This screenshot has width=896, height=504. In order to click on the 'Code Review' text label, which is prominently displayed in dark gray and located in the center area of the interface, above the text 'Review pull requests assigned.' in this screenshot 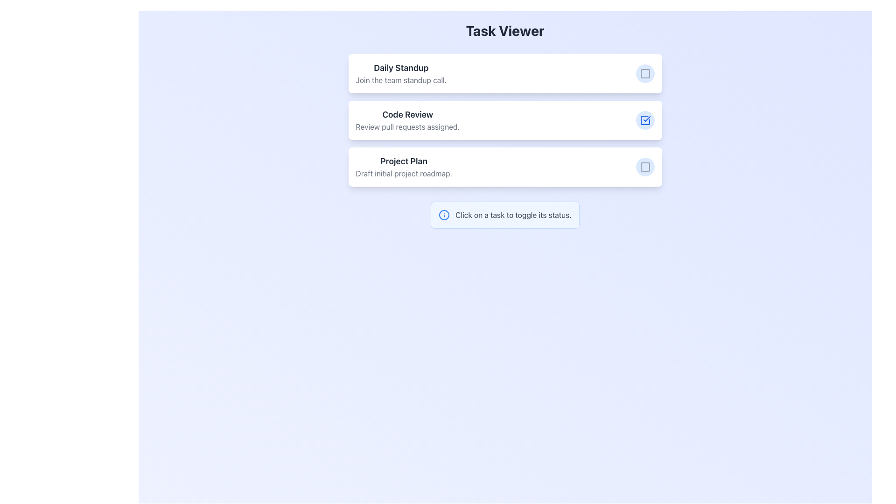, I will do `click(407, 114)`.